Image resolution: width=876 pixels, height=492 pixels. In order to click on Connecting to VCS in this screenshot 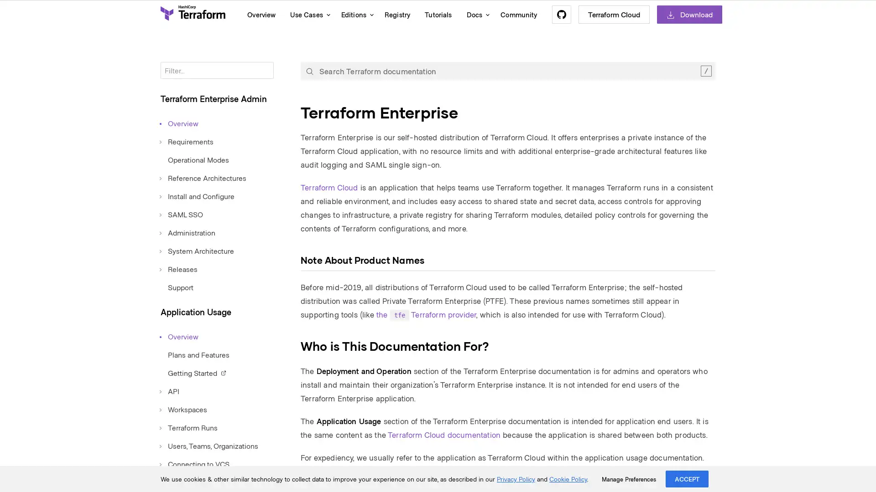, I will do `click(194, 464)`.